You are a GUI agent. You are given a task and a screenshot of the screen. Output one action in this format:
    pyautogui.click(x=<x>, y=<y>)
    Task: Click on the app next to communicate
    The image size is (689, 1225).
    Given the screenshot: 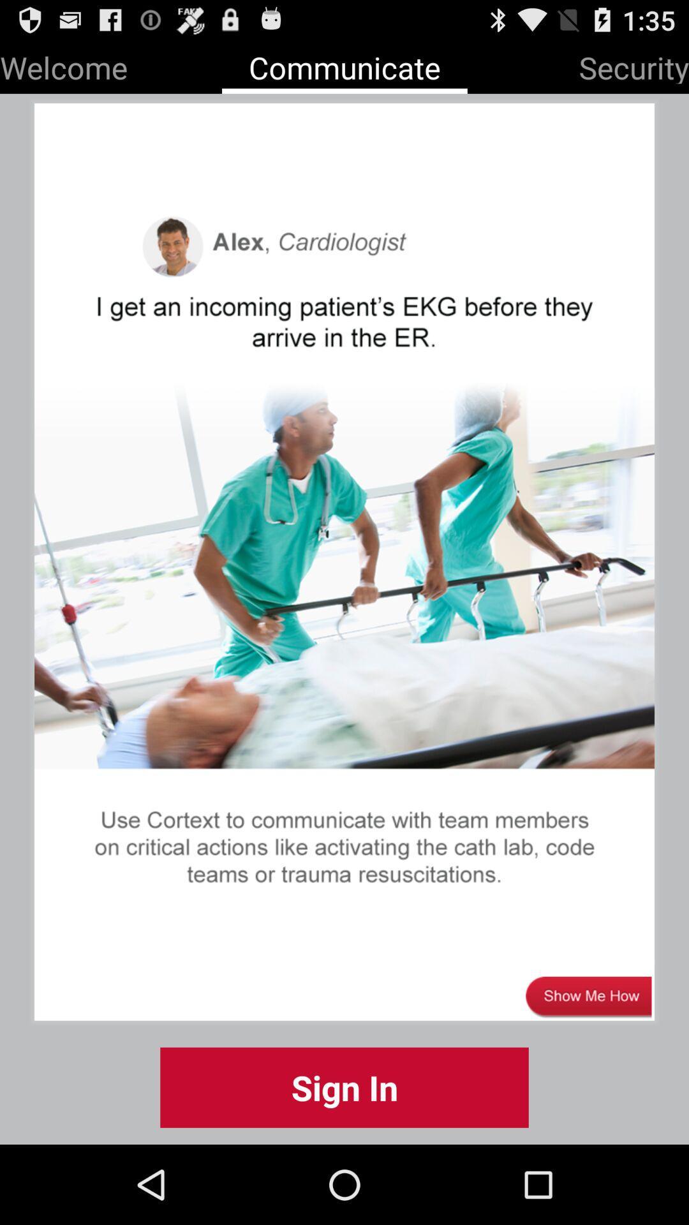 What is the action you would take?
    pyautogui.click(x=64, y=64)
    